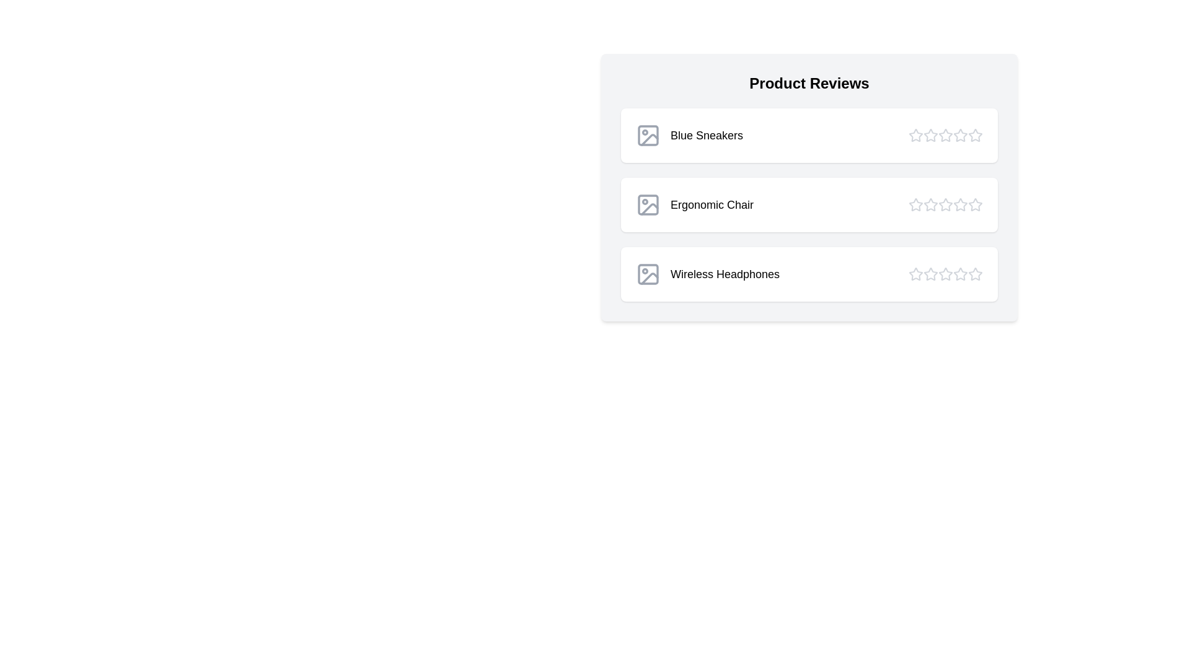  What do you see at coordinates (916, 136) in the screenshot?
I see `the star corresponding to 1 stars for the product Blue Sneakers` at bounding box center [916, 136].